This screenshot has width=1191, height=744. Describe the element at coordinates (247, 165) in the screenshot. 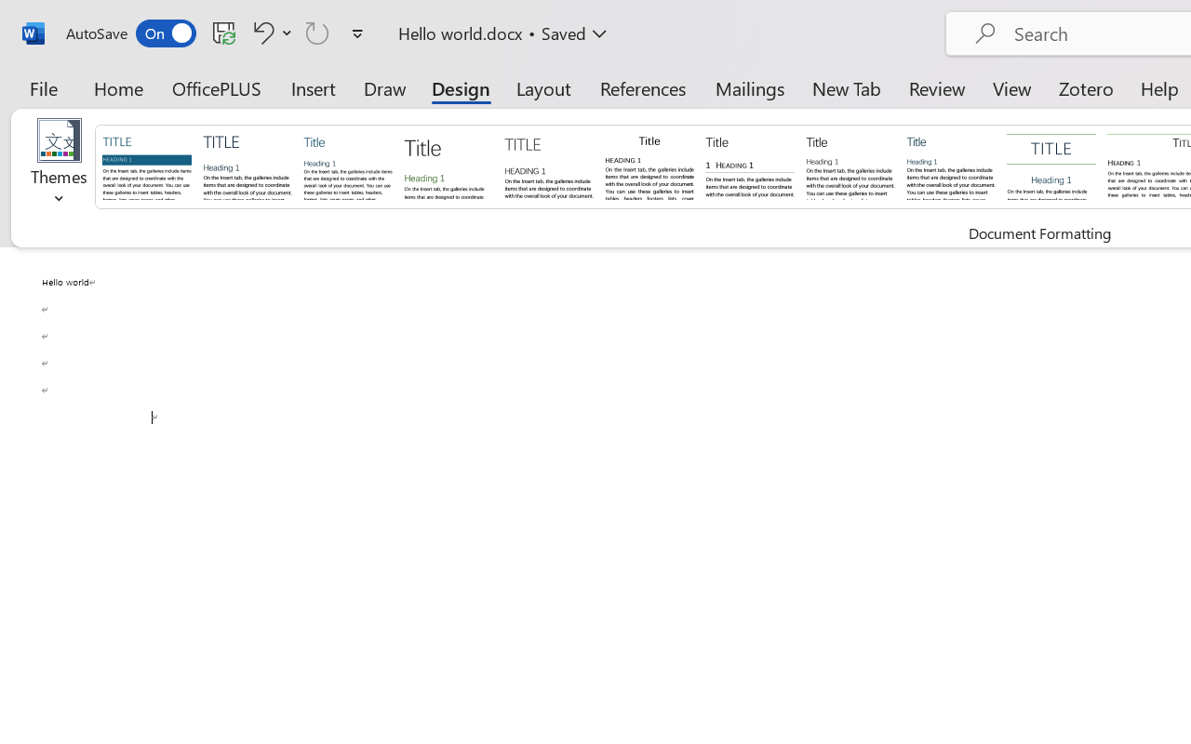

I see `'Basic (Elegant)'` at that location.